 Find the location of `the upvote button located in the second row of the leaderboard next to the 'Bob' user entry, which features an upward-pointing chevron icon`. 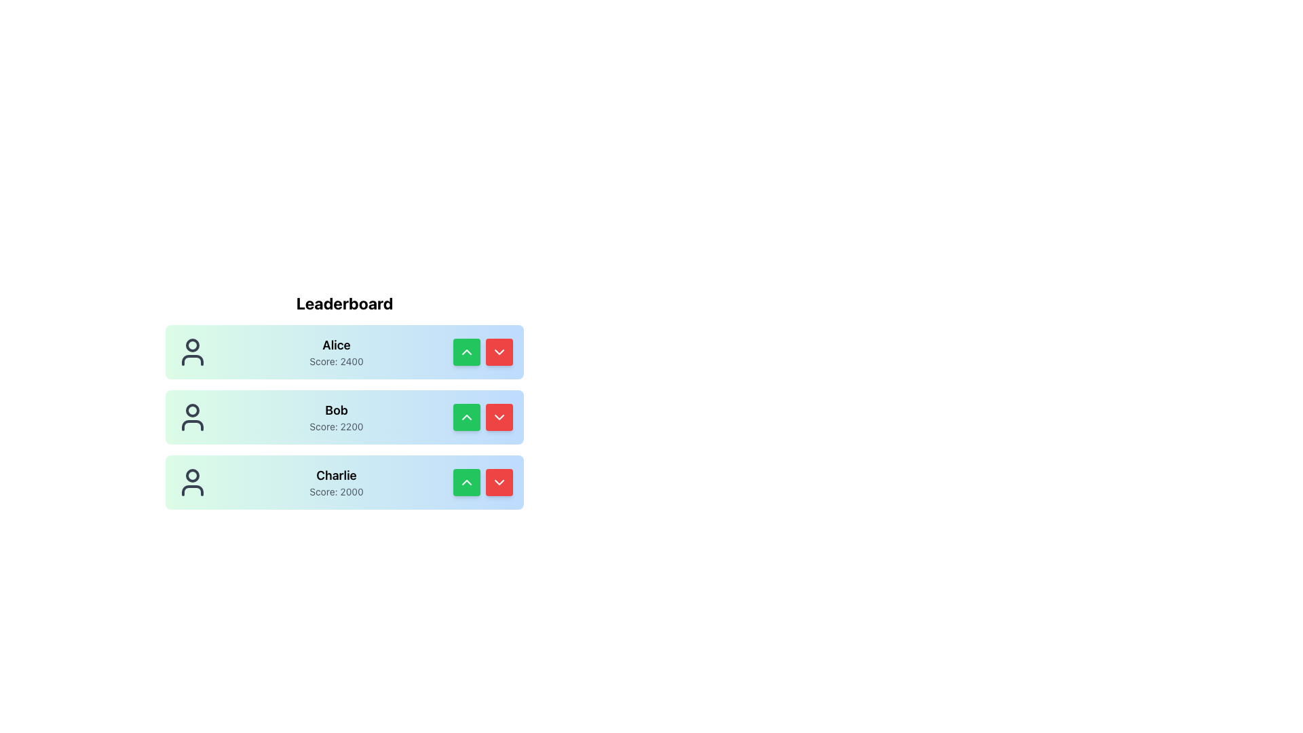

the upvote button located in the second row of the leaderboard next to the 'Bob' user entry, which features an upward-pointing chevron icon is located at coordinates (466, 416).